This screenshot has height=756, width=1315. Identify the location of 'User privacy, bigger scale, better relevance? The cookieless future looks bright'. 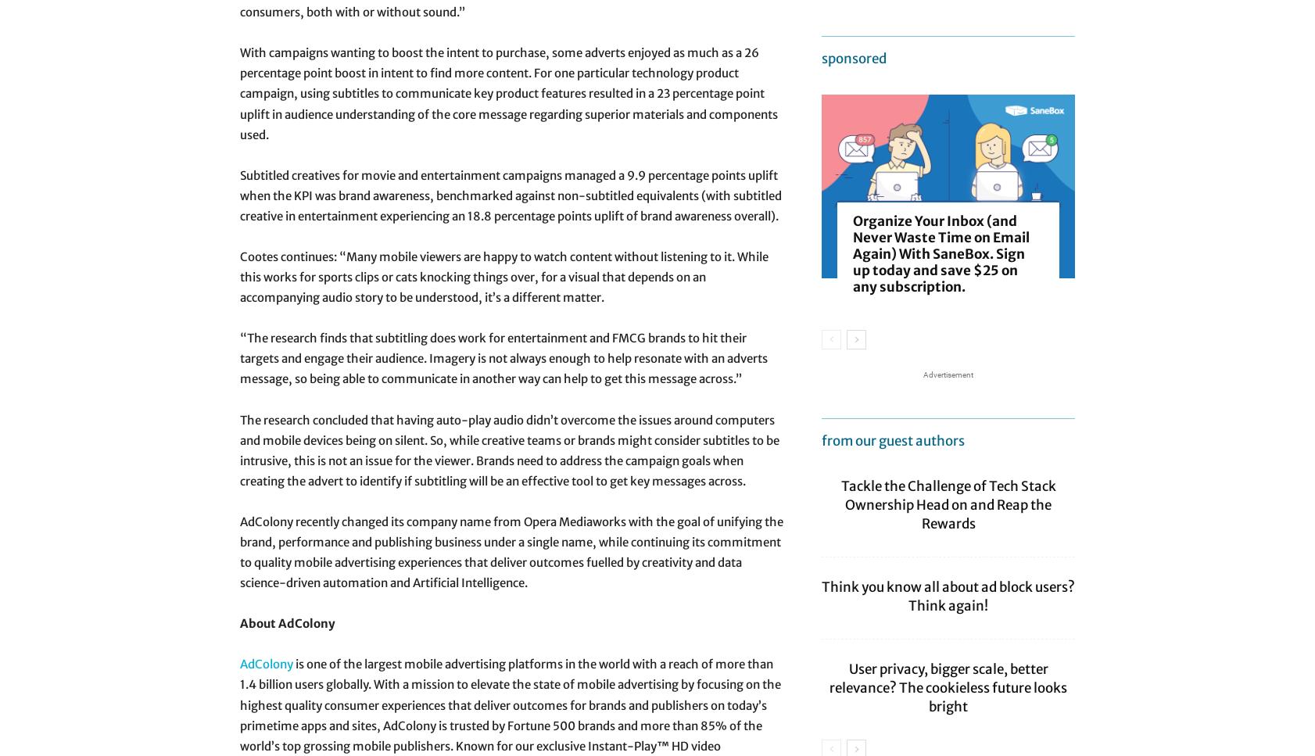
(829, 686).